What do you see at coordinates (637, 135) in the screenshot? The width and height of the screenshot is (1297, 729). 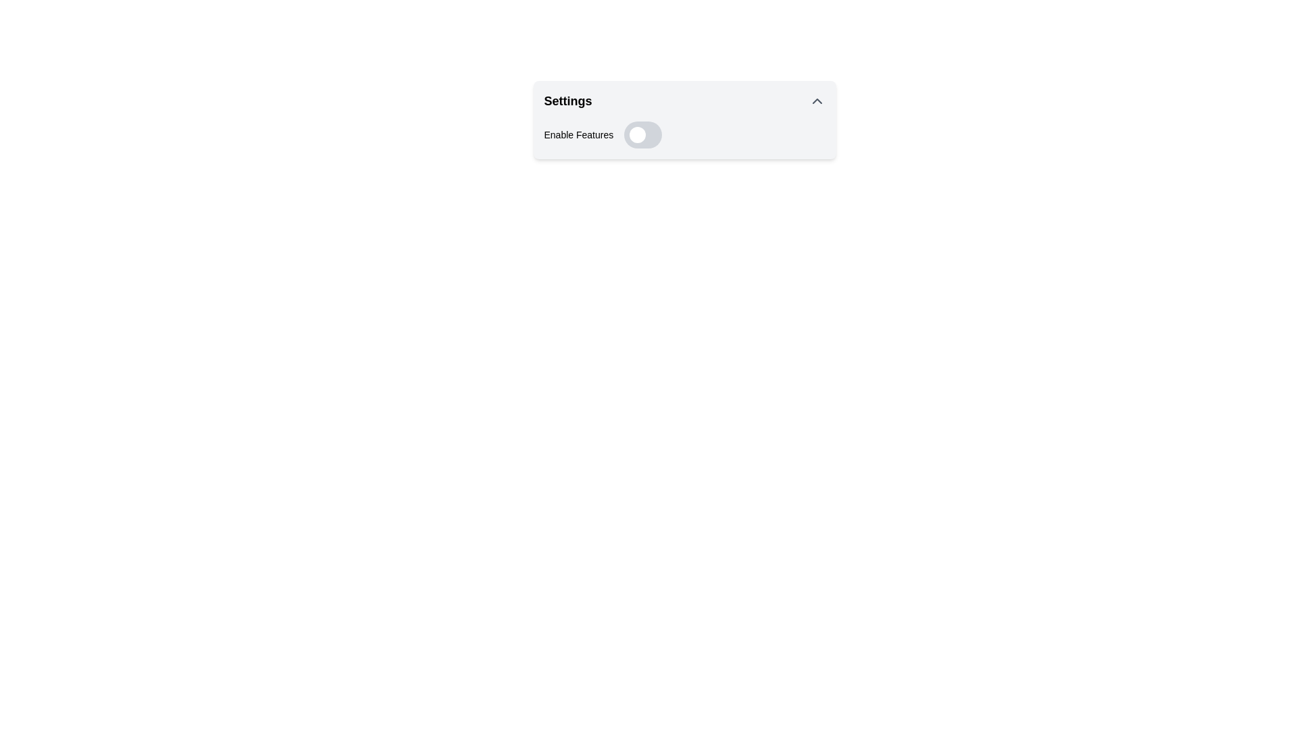 I see `the circular toggle switch indicator located near the left end of the toggle switch bar in the 'Enable Features' settings section to change its state` at bounding box center [637, 135].